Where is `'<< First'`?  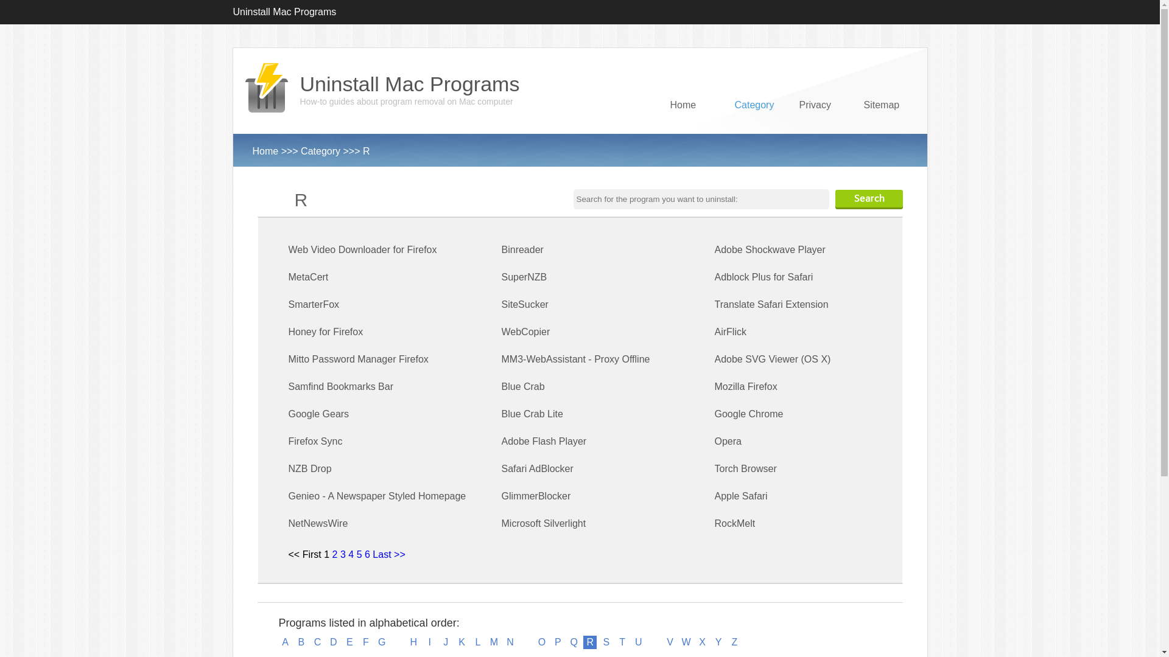 '<< First' is located at coordinates (304, 554).